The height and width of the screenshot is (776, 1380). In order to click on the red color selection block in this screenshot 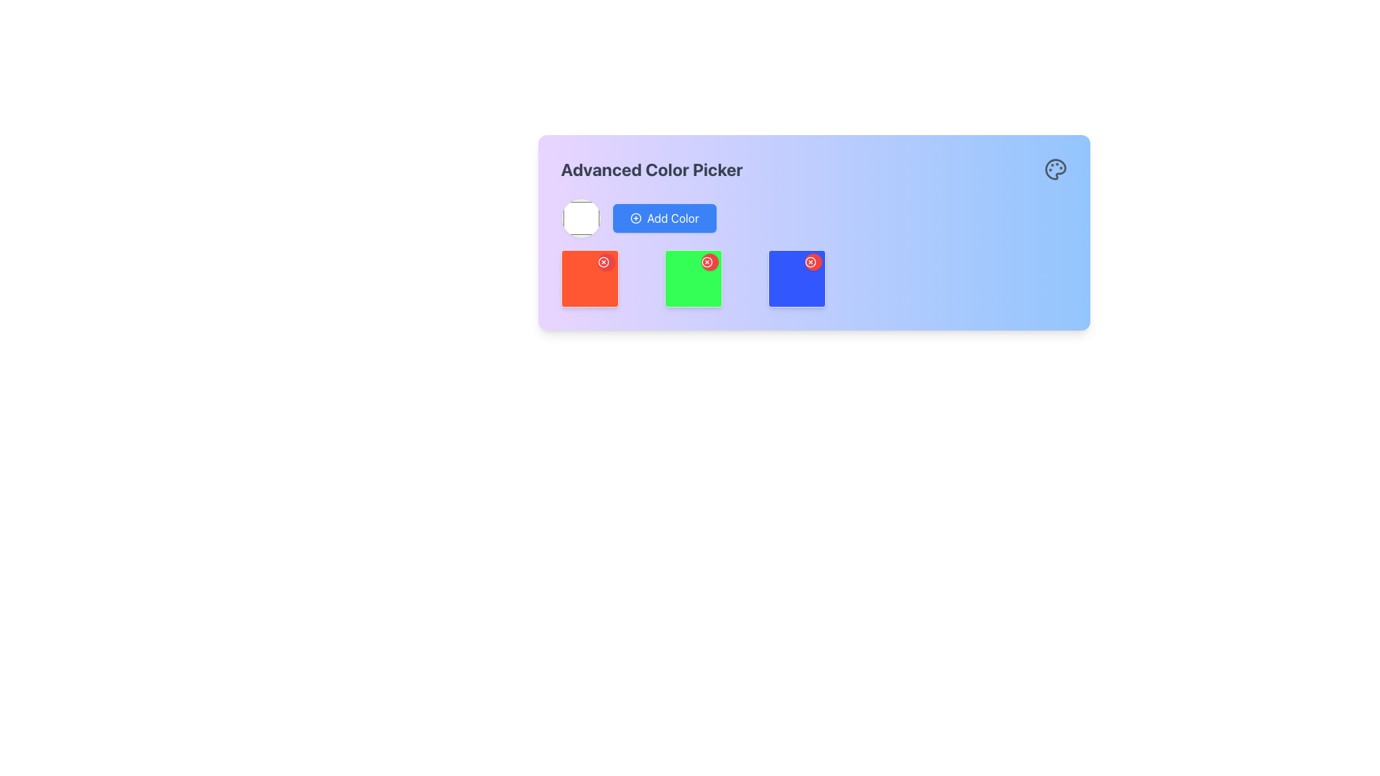, I will do `click(589, 279)`.